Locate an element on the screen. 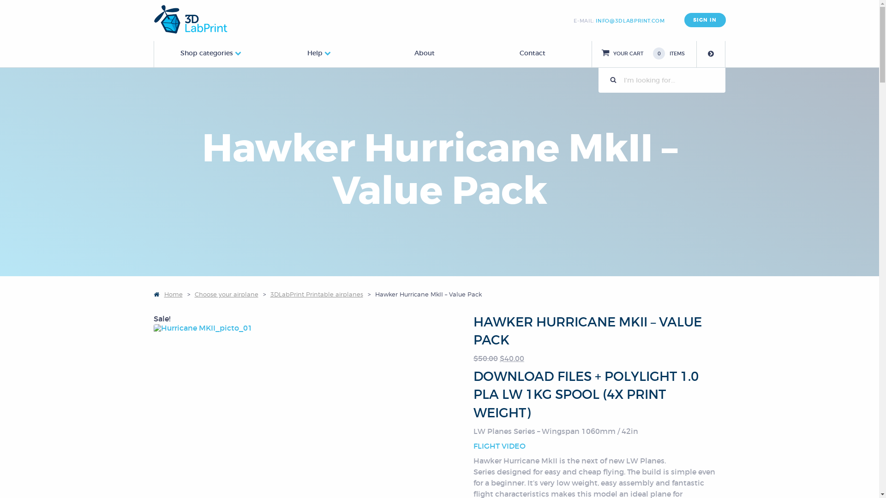  'About' is located at coordinates (424, 53).